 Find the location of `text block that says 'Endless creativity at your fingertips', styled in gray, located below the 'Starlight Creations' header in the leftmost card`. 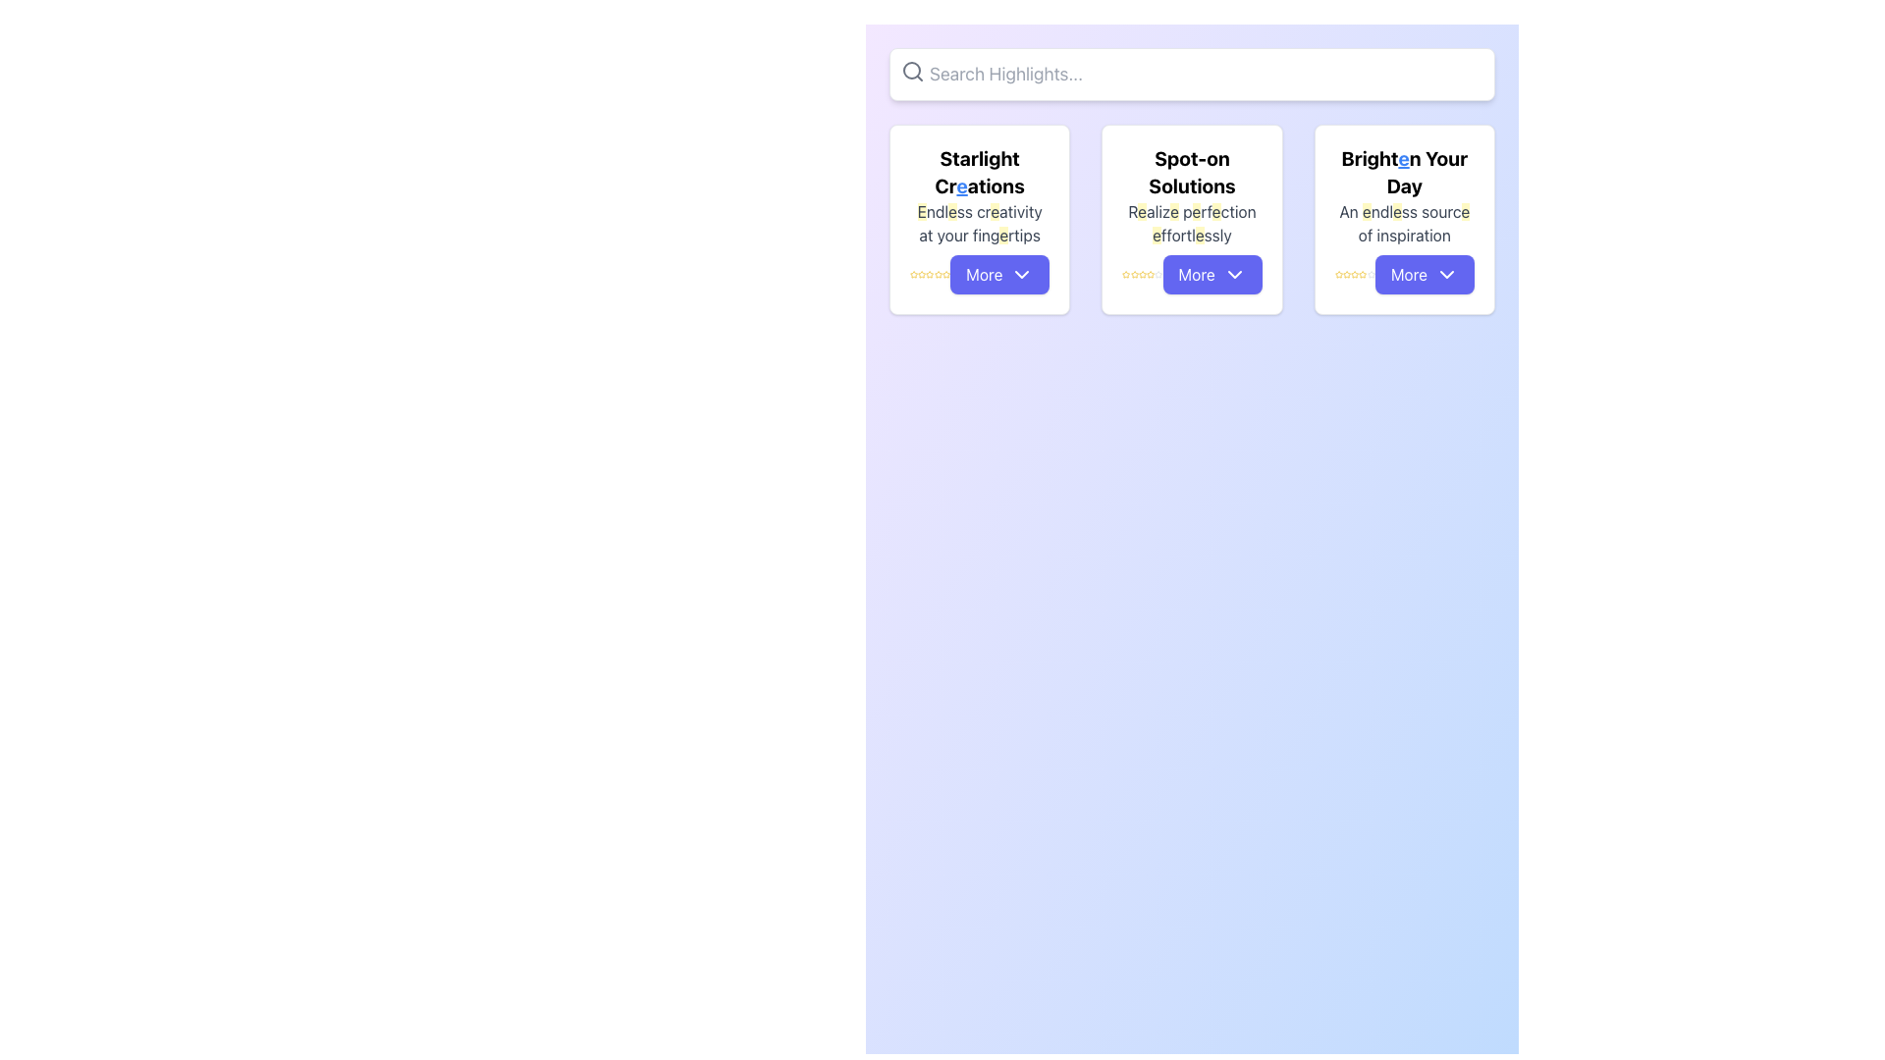

text block that says 'Endless creativity at your fingertips', styled in gray, located below the 'Starlight Creations' header in the leftmost card is located at coordinates (980, 222).